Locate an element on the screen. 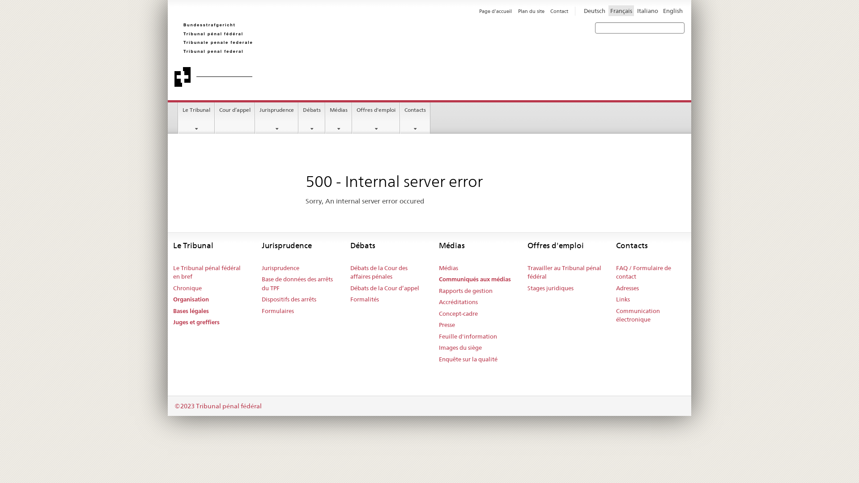 This screenshot has height=483, width=859. 'Presse' is located at coordinates (447, 325).